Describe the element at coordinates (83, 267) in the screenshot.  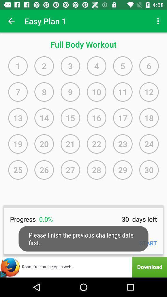
I see `advertisement for firefox` at that location.